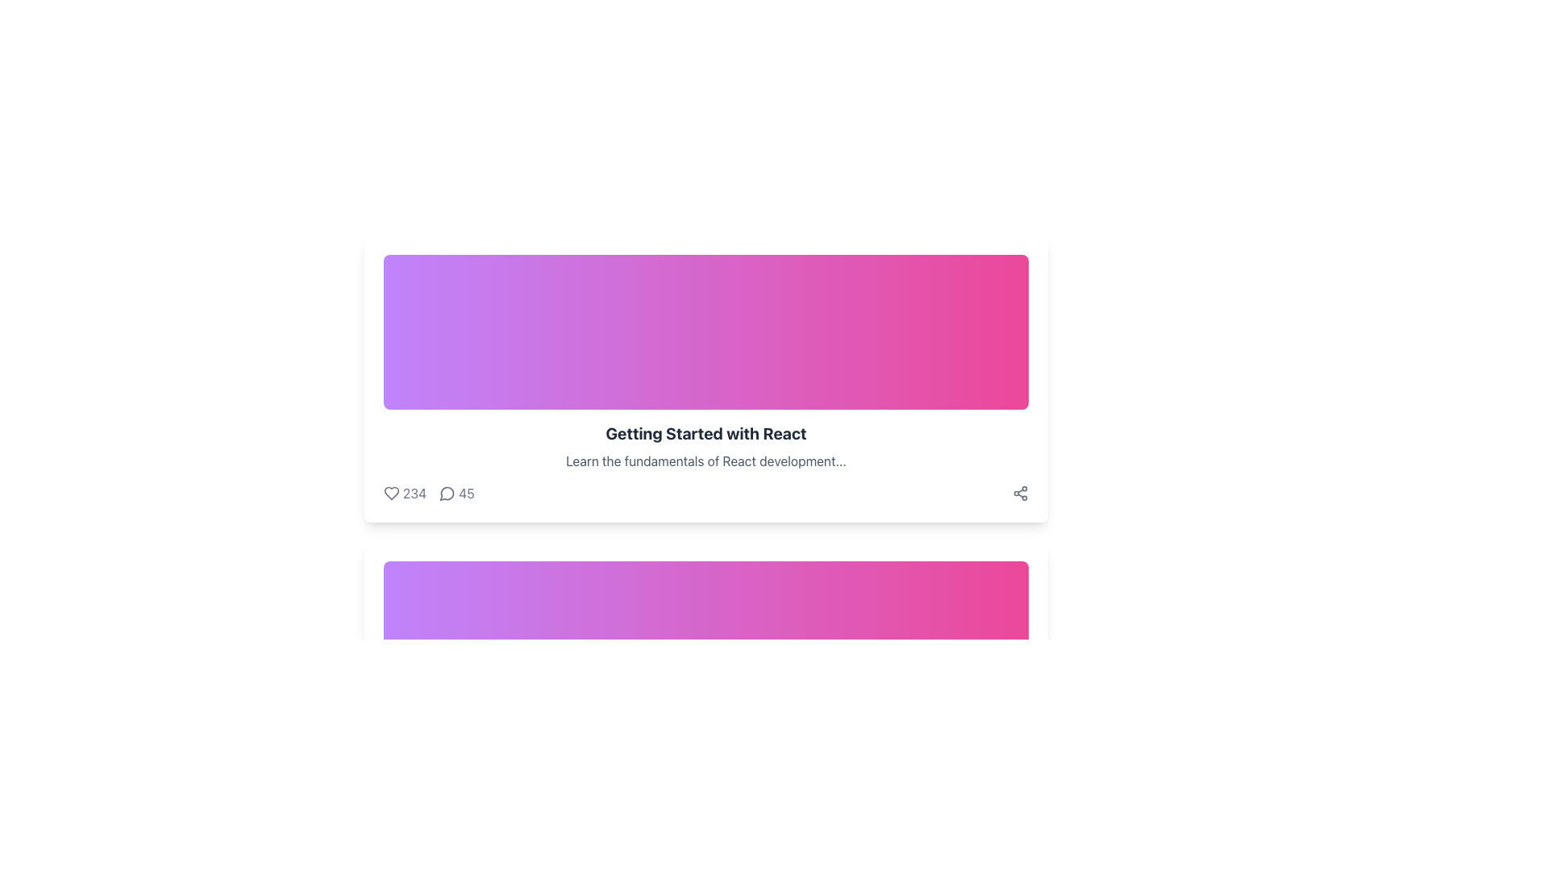 The height and width of the screenshot is (871, 1548). What do you see at coordinates (705, 461) in the screenshot?
I see `text label that says 'Learn the fundamentals of React development...' which is styled in gray and located beneath the title 'Getting Started with React' in a white card section` at bounding box center [705, 461].